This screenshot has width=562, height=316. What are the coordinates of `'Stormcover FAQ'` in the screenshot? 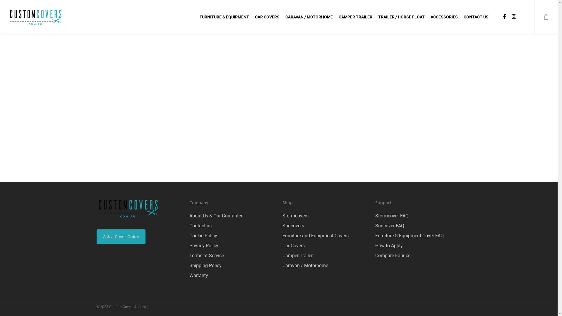 It's located at (418, 216).